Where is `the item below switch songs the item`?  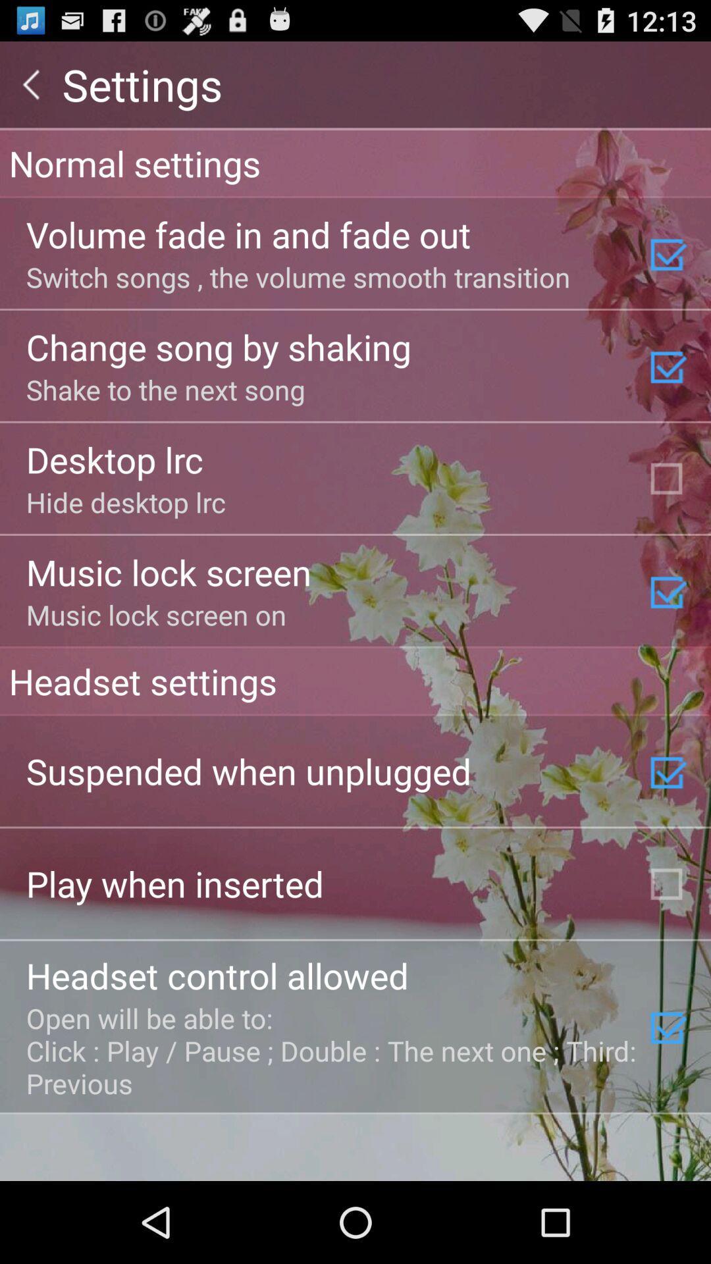 the item below switch songs the item is located at coordinates (218, 346).